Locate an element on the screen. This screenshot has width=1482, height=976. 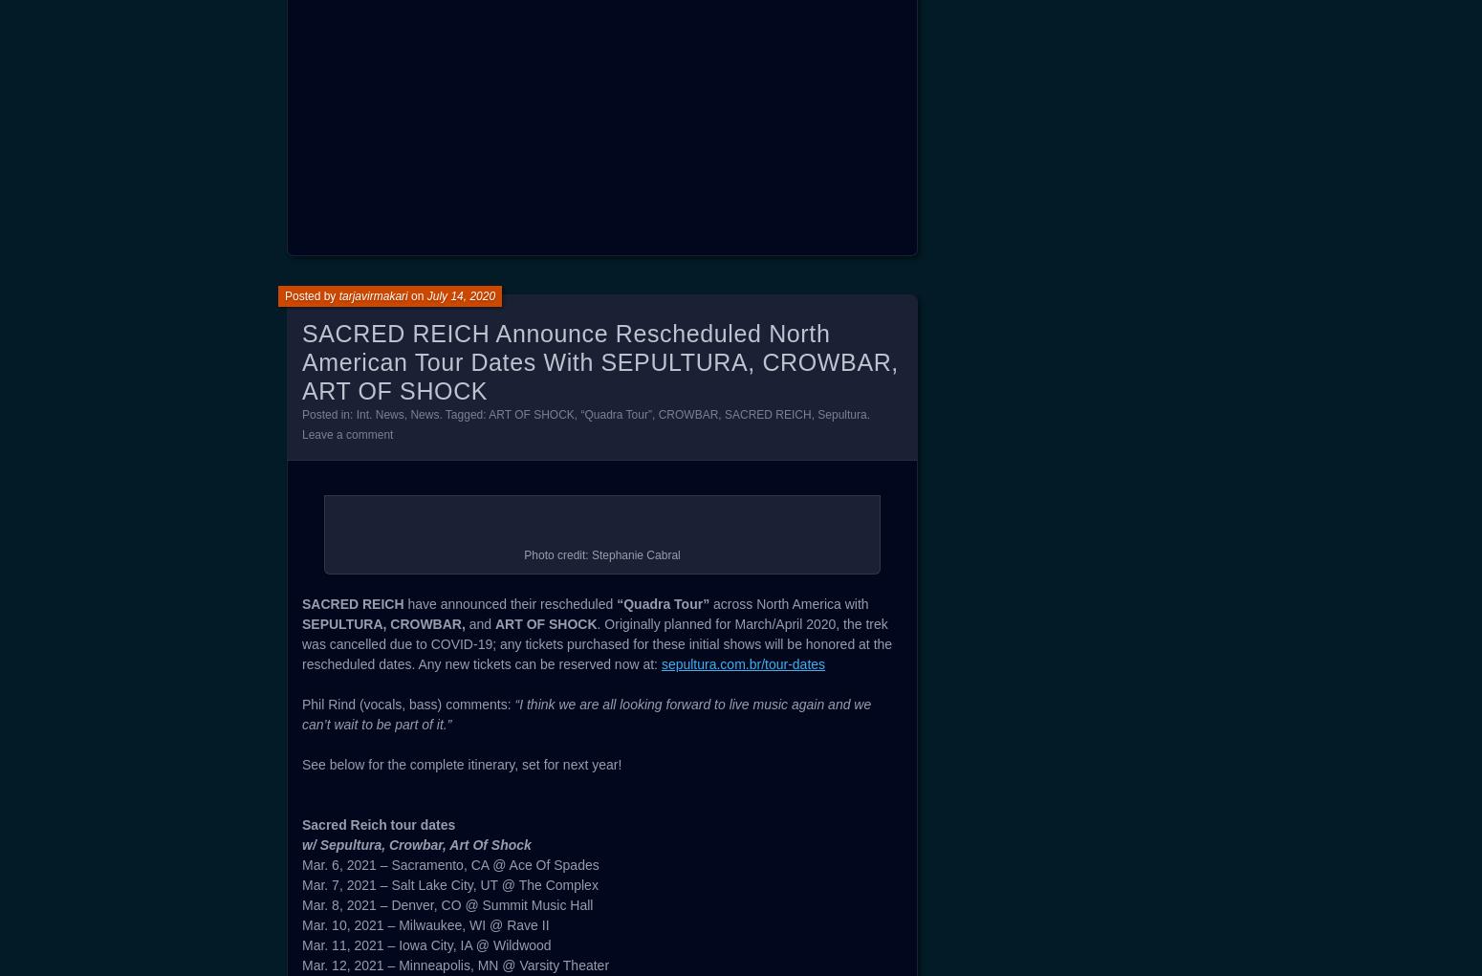
'Posted by' is located at coordinates (310, 852).